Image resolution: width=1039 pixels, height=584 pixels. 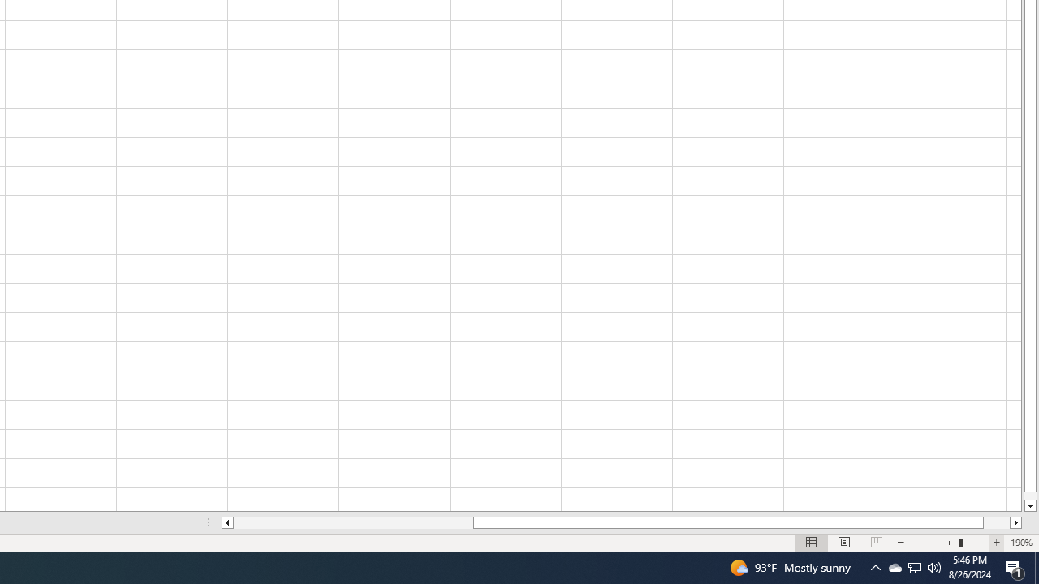 What do you see at coordinates (1029, 505) in the screenshot?
I see `'Line down'` at bounding box center [1029, 505].